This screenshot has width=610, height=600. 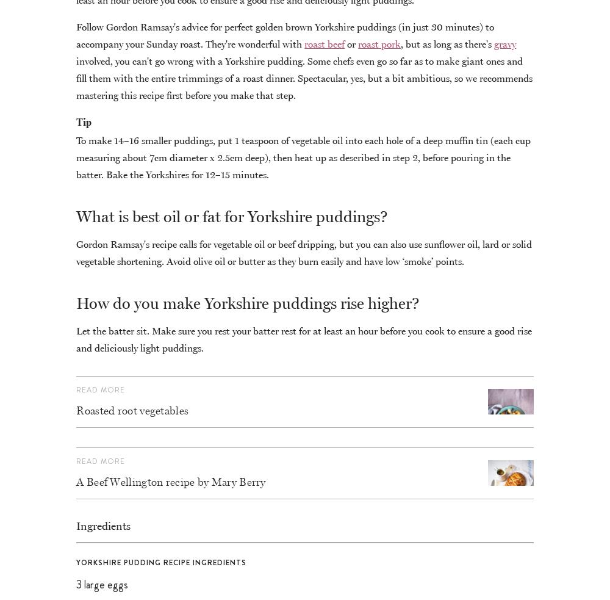 I want to click on 'Yorkshire pudding recipe ingredients', so click(x=76, y=562).